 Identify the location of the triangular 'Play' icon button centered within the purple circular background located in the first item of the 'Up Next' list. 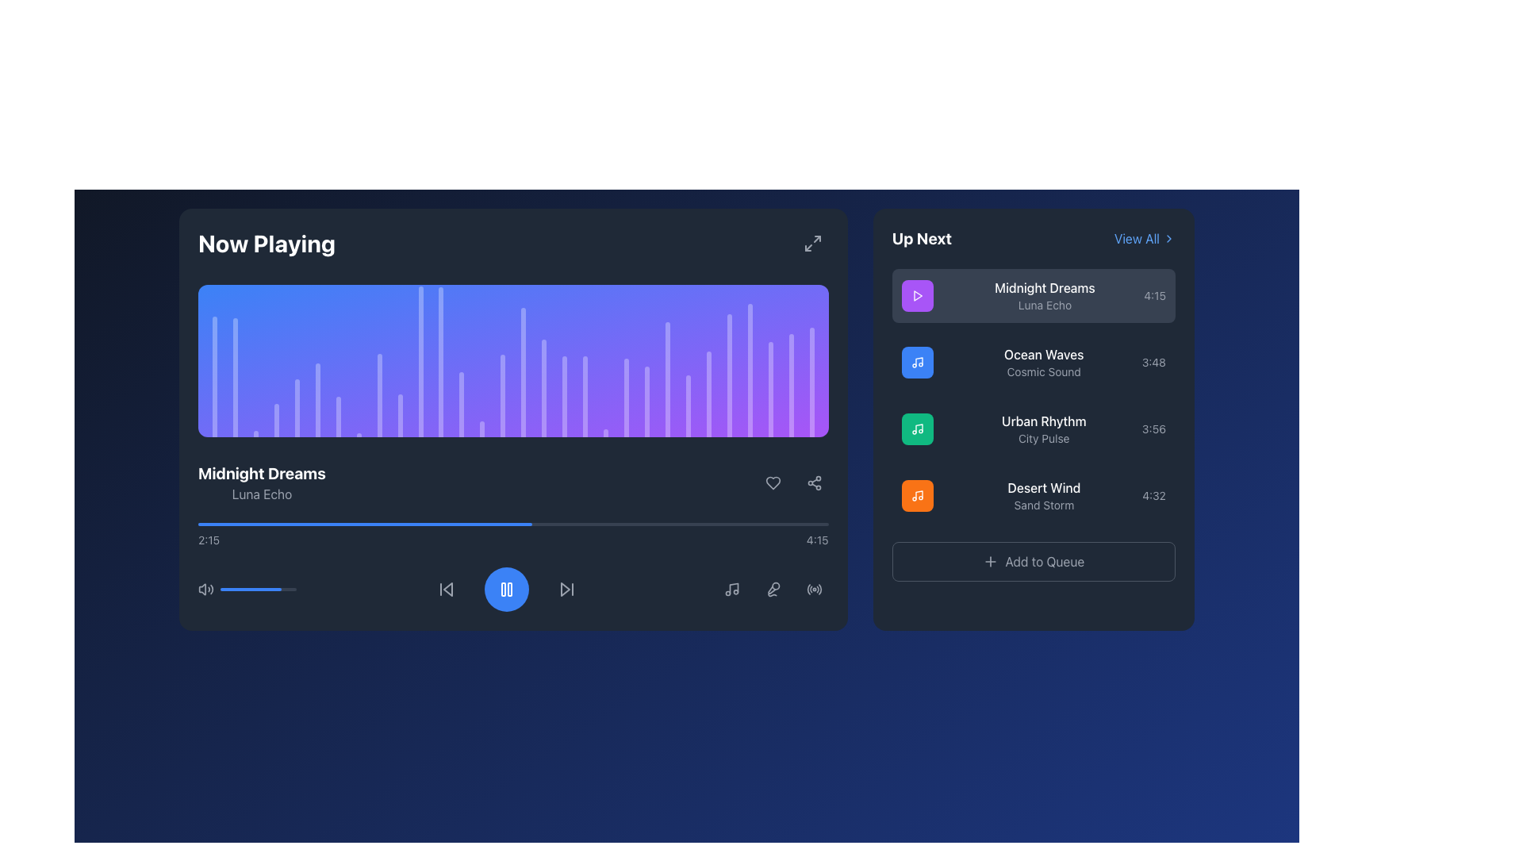
(917, 296).